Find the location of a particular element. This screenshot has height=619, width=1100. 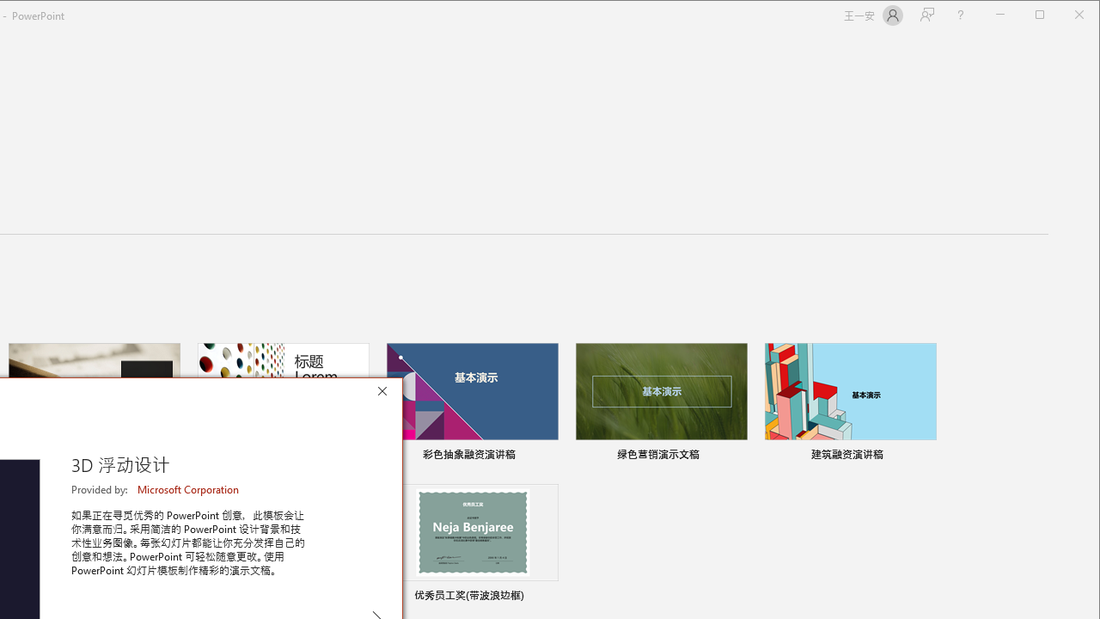

'Microsoft Corporation' is located at coordinates (189, 489).